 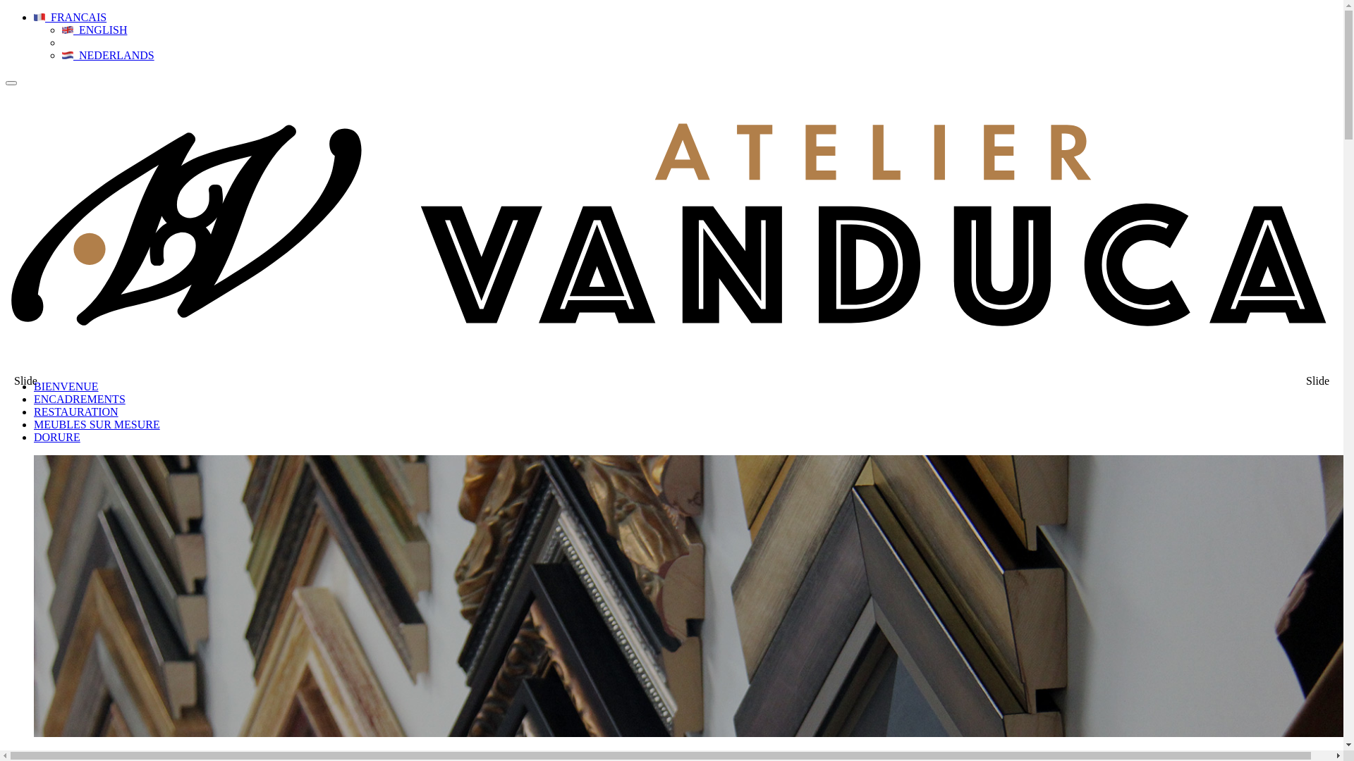 I want to click on 'MEUBLES SUR MESURE', so click(x=96, y=423).